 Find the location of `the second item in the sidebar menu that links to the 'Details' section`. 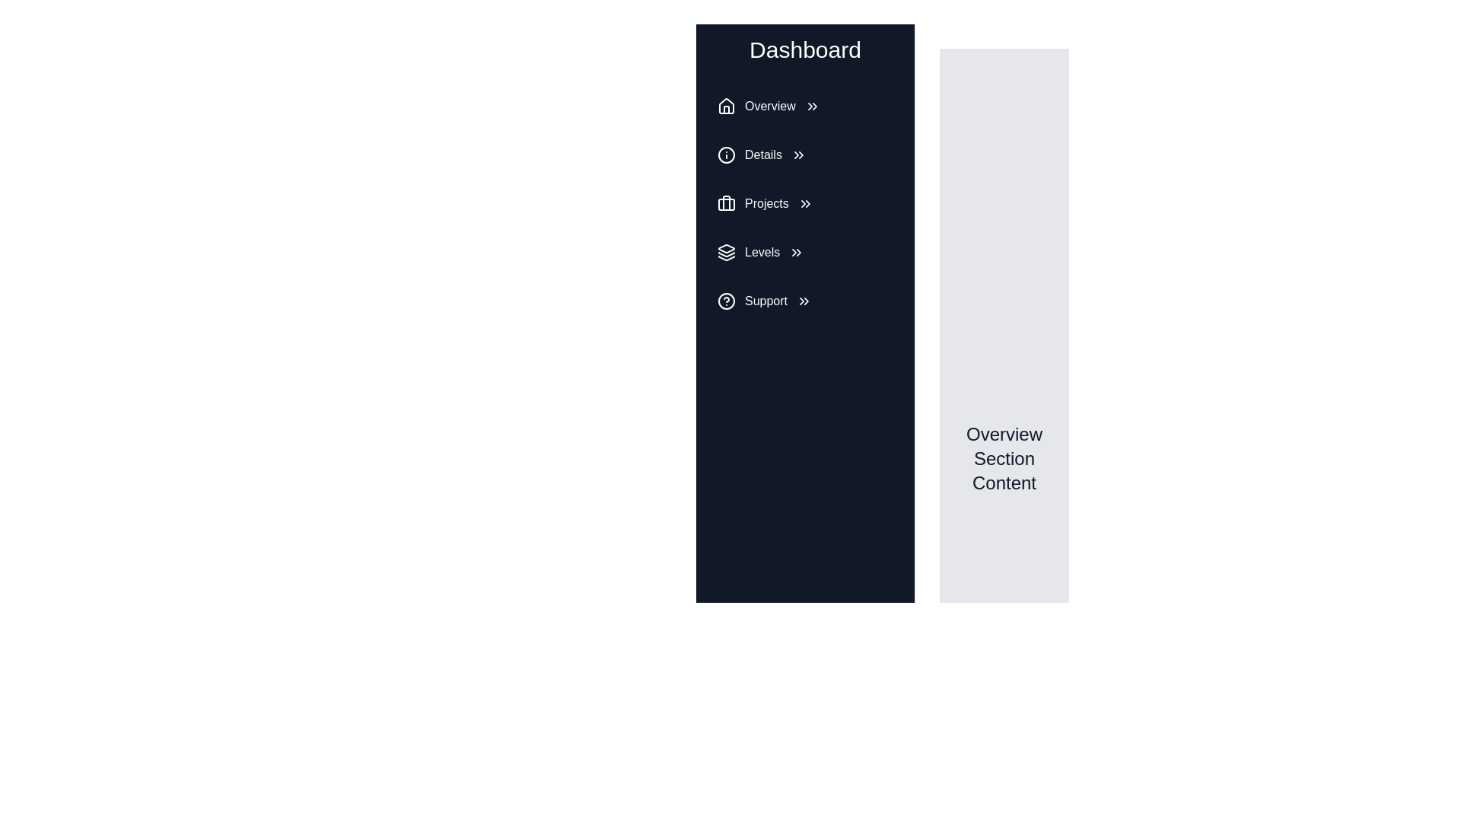

the second item in the sidebar menu that links to the 'Details' section is located at coordinates (804, 155).